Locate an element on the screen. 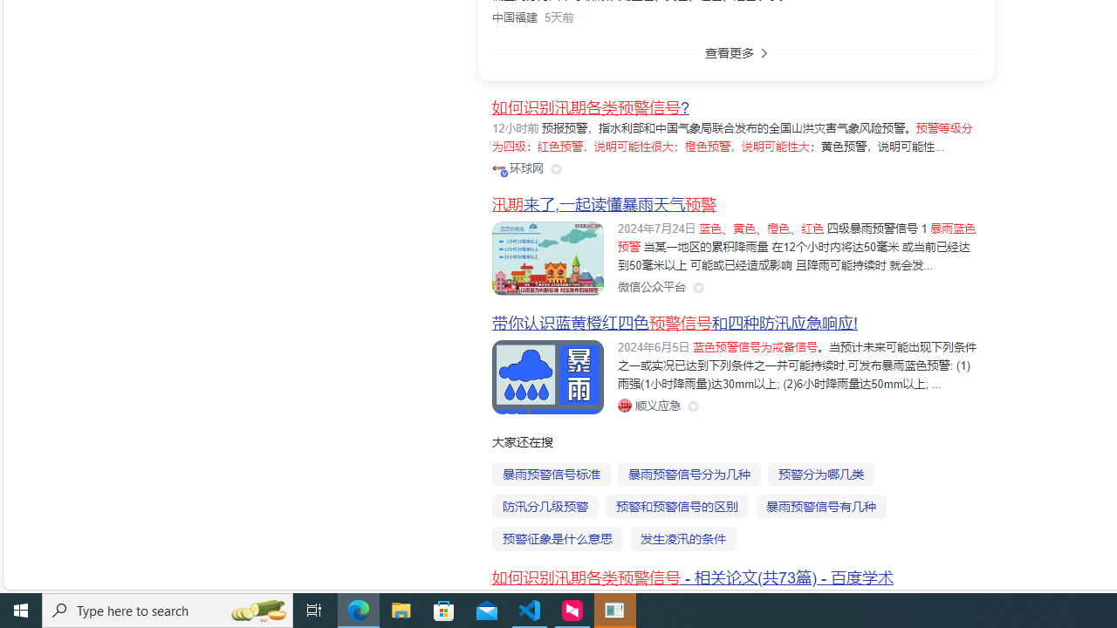 This screenshot has width=1117, height=628. 'Class: siteLink_9TPP3' is located at coordinates (648, 406).